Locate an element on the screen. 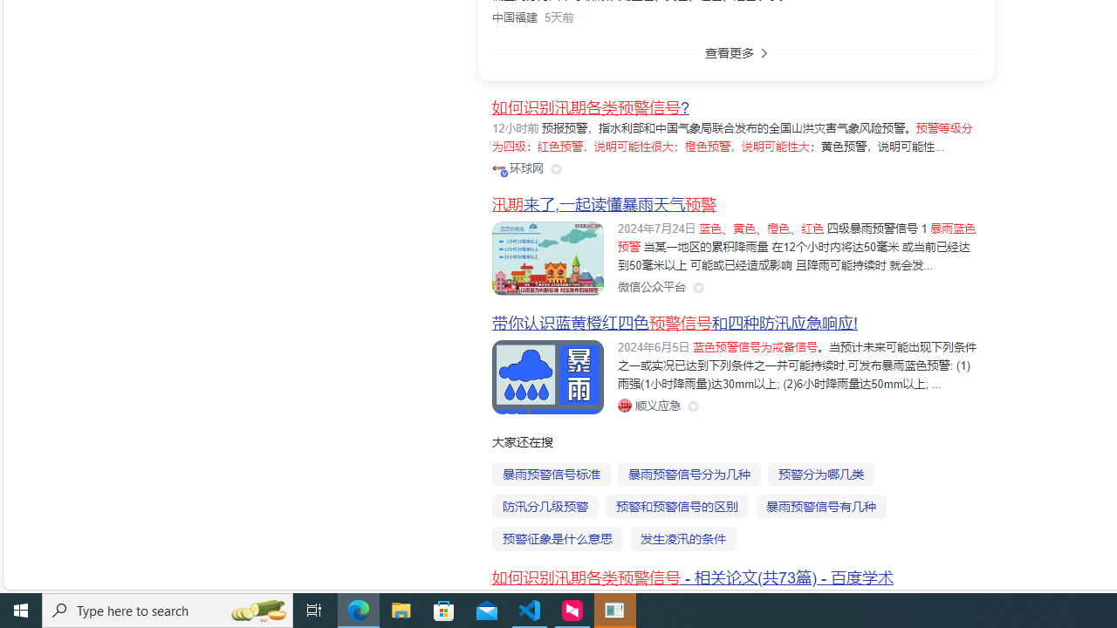 This screenshot has width=1117, height=628. 'Class: siteLink_9TPP3' is located at coordinates (648, 406).